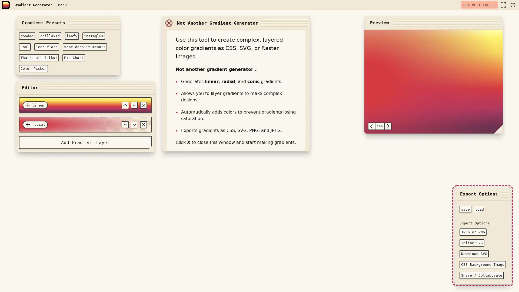 This screenshot has width=519, height=292. What do you see at coordinates (483, 264) in the screenshot?
I see `CSS Background Image` at bounding box center [483, 264].